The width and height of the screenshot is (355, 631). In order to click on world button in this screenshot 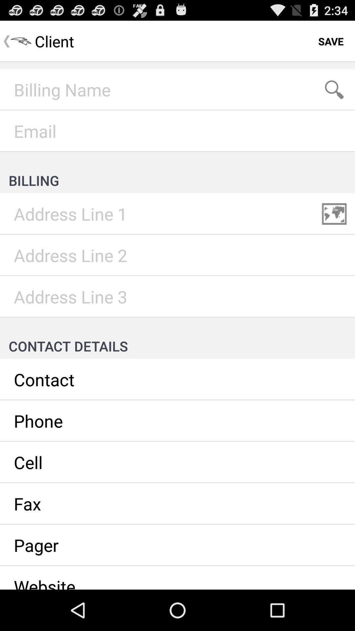, I will do `click(334, 214)`.